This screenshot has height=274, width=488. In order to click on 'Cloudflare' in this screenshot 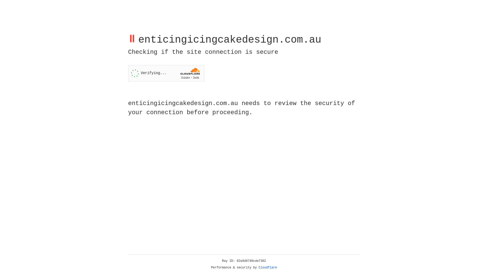, I will do `click(268, 267)`.